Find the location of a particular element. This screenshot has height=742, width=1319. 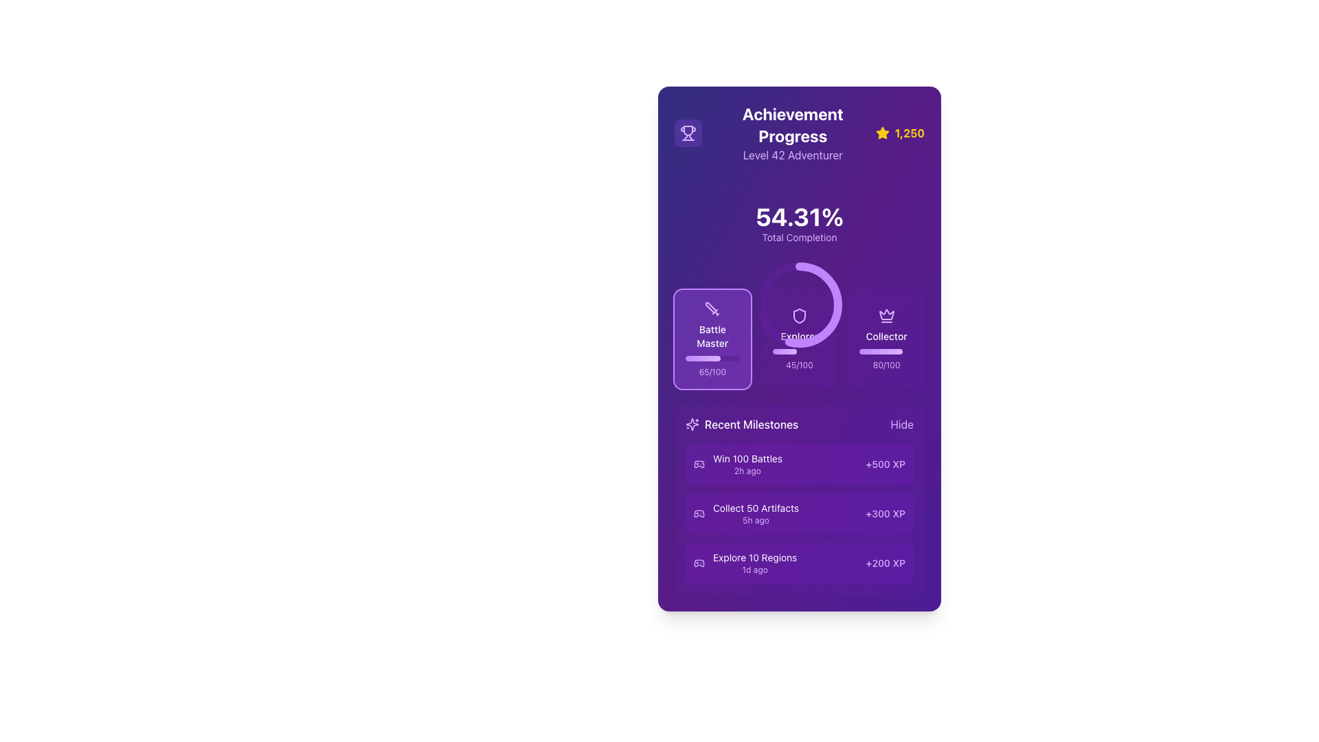

the text label displaying '+500 XP' in the 'Recent Milestones' section, which is aligned to the right of the milestone entry for 'Win 100 Battles' is located at coordinates (886, 464).